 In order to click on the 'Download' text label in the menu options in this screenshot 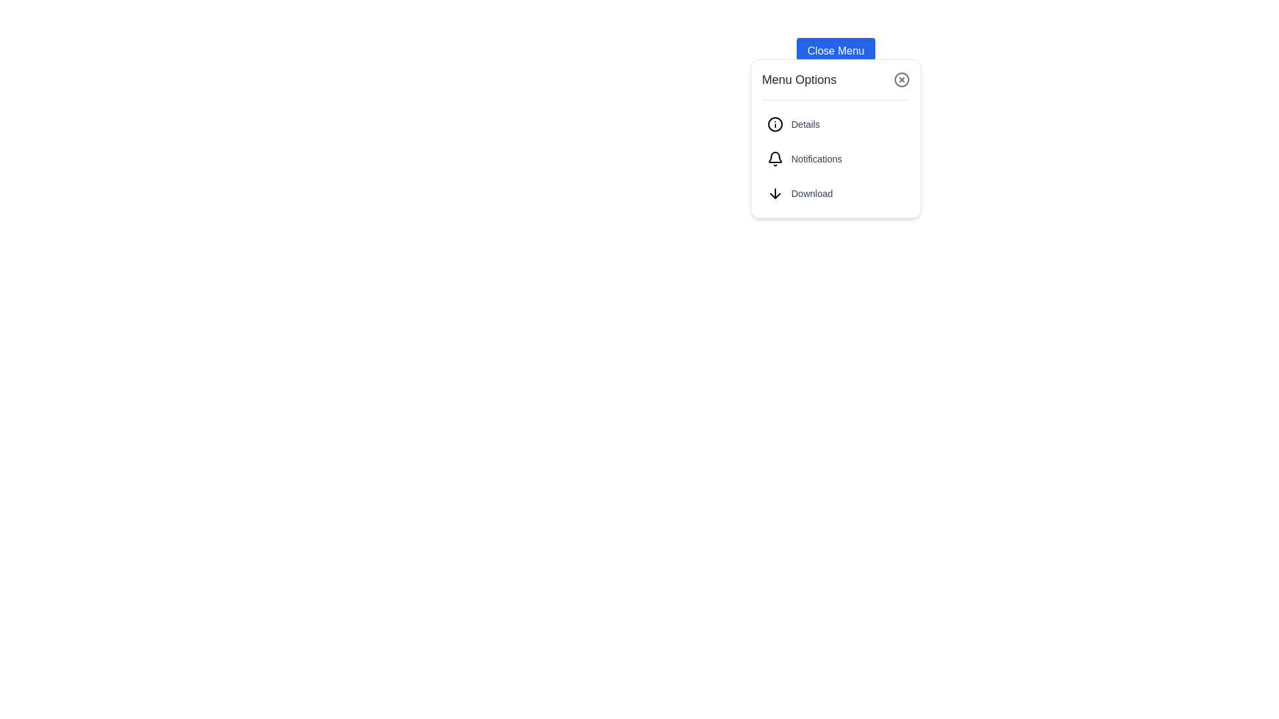, I will do `click(811, 193)`.